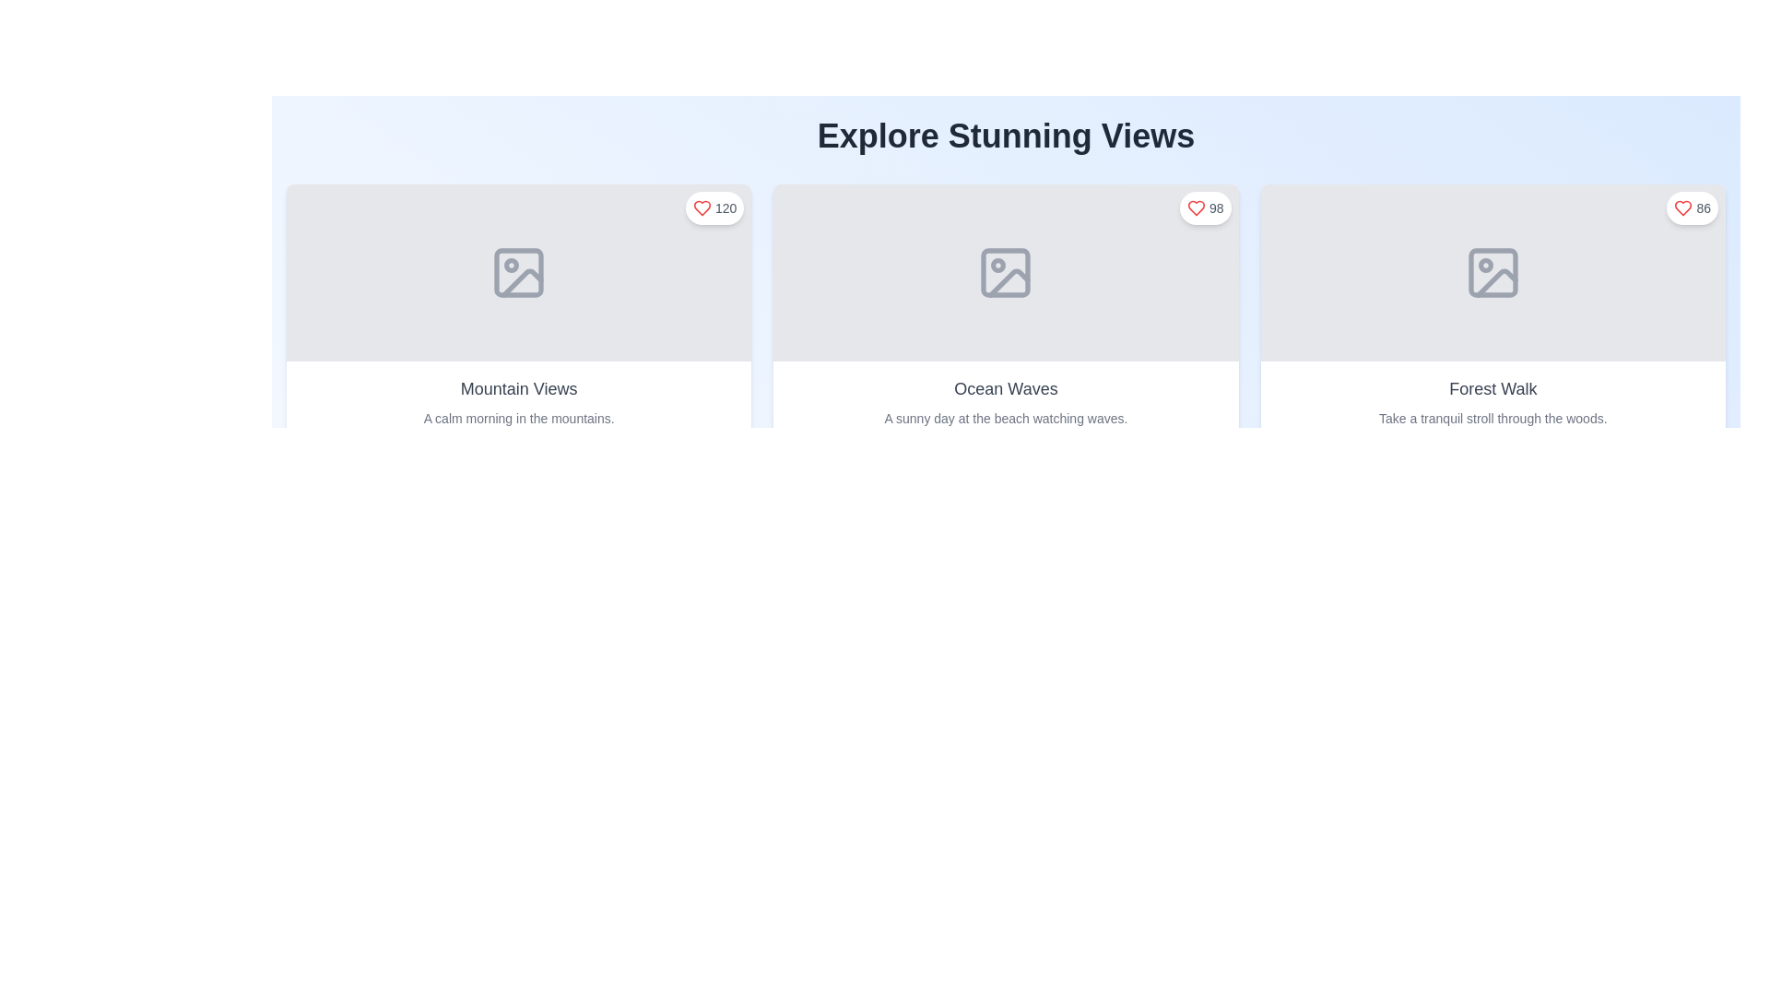 Image resolution: width=1770 pixels, height=996 pixels. Describe the element at coordinates (512, 266) in the screenshot. I see `the decorative Circle element within the first card of the layout, which is part of the SVG image placeholder representing a highlighted dot` at that location.